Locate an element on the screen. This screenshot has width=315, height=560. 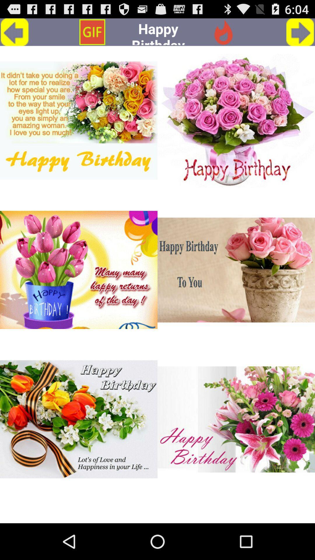
go forward is located at coordinates (300, 32).